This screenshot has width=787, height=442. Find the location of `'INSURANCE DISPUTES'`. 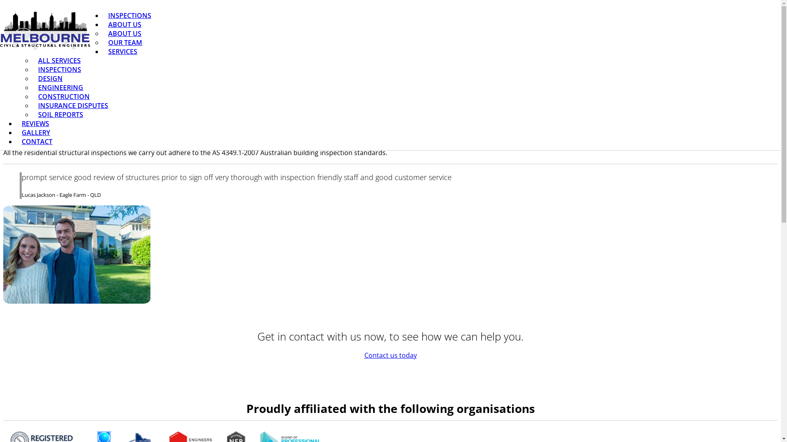

'INSURANCE DISPUTES' is located at coordinates (73, 105).